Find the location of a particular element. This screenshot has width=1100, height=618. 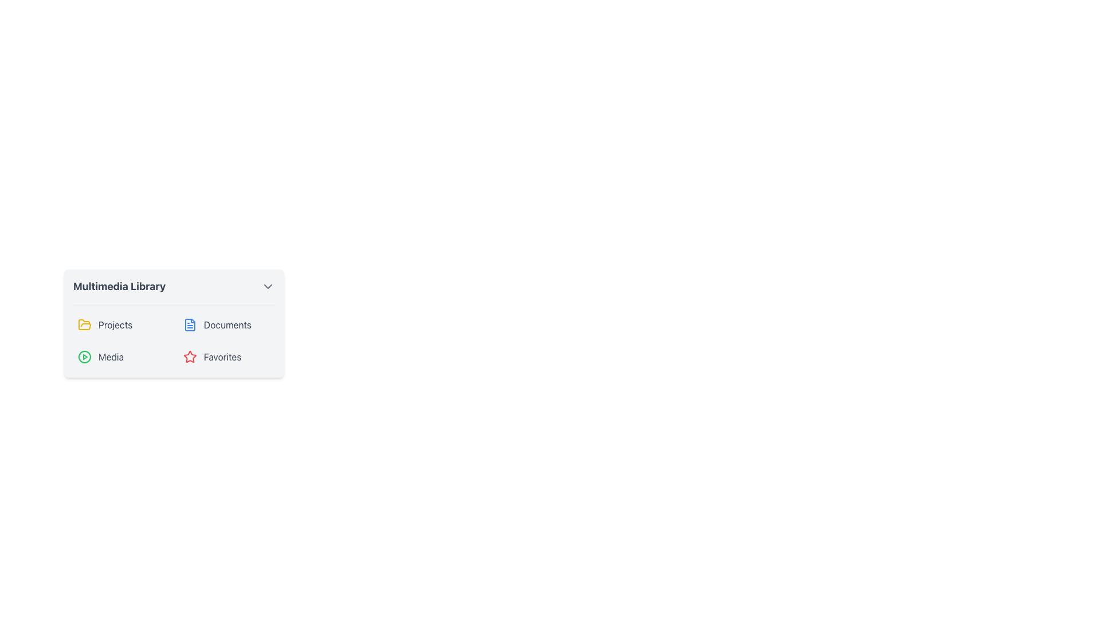

the 'Favorites' text label in the 'Multimedia Library' panel, which is the last item in the list and positioned to the right of the red star icon is located at coordinates (222, 356).